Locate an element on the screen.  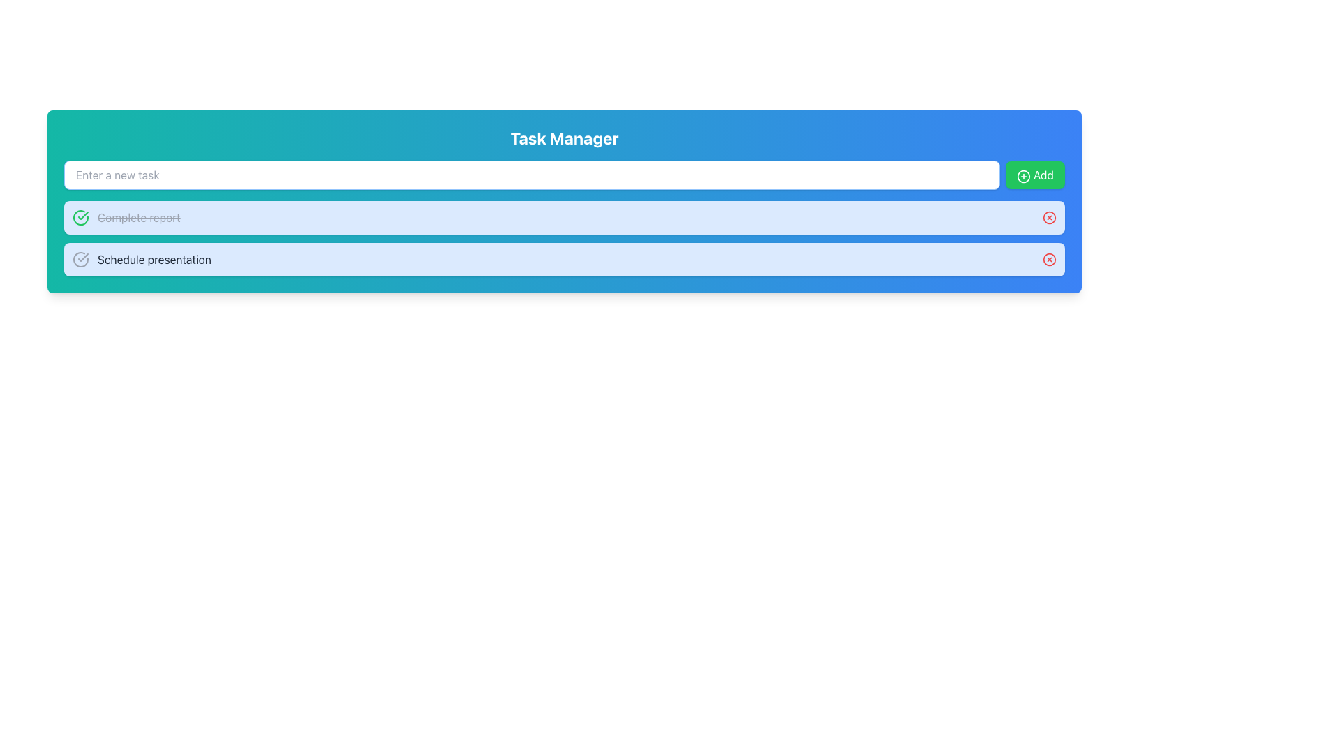
the Circle element in the SVG group, which is part of an icon indicating an action, located next to the text 'Complete report' at the second item in the task list is located at coordinates (1049, 218).